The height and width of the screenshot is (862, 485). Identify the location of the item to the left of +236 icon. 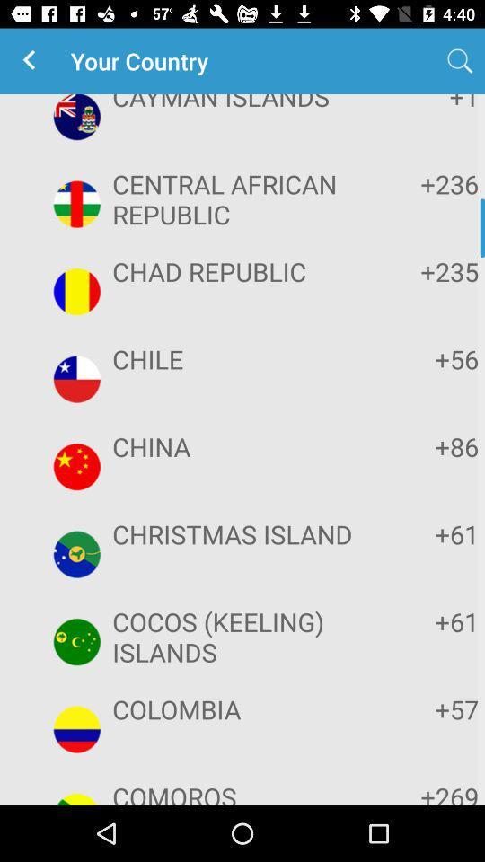
(240, 198).